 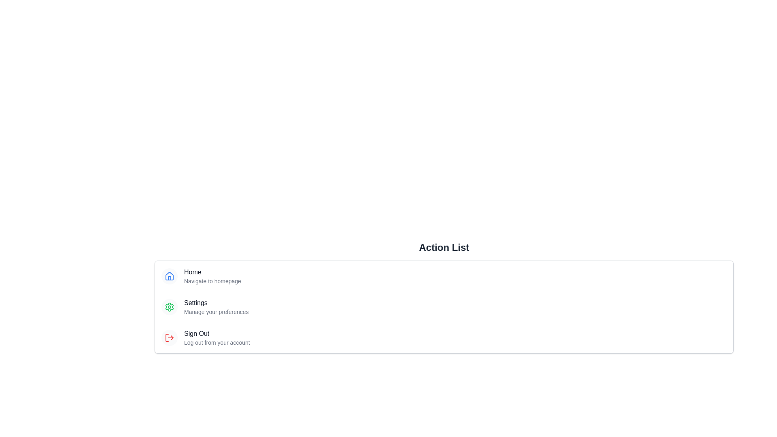 What do you see at coordinates (216, 303) in the screenshot?
I see `the 'Settings' text label` at bounding box center [216, 303].